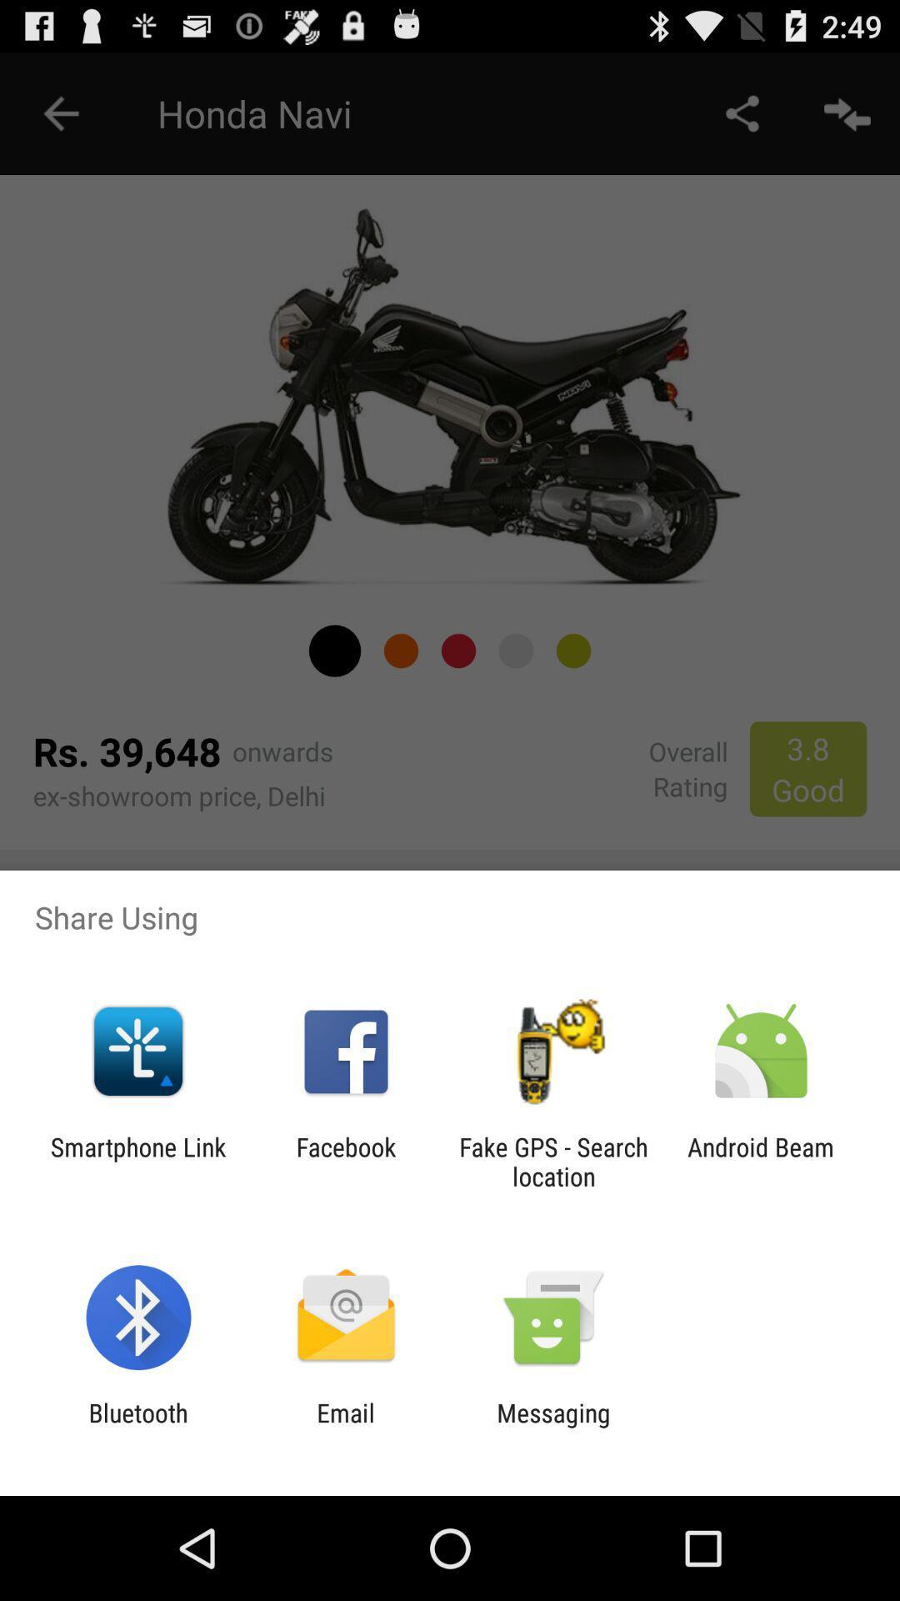  What do you see at coordinates (553, 1161) in the screenshot?
I see `fake gps search` at bounding box center [553, 1161].